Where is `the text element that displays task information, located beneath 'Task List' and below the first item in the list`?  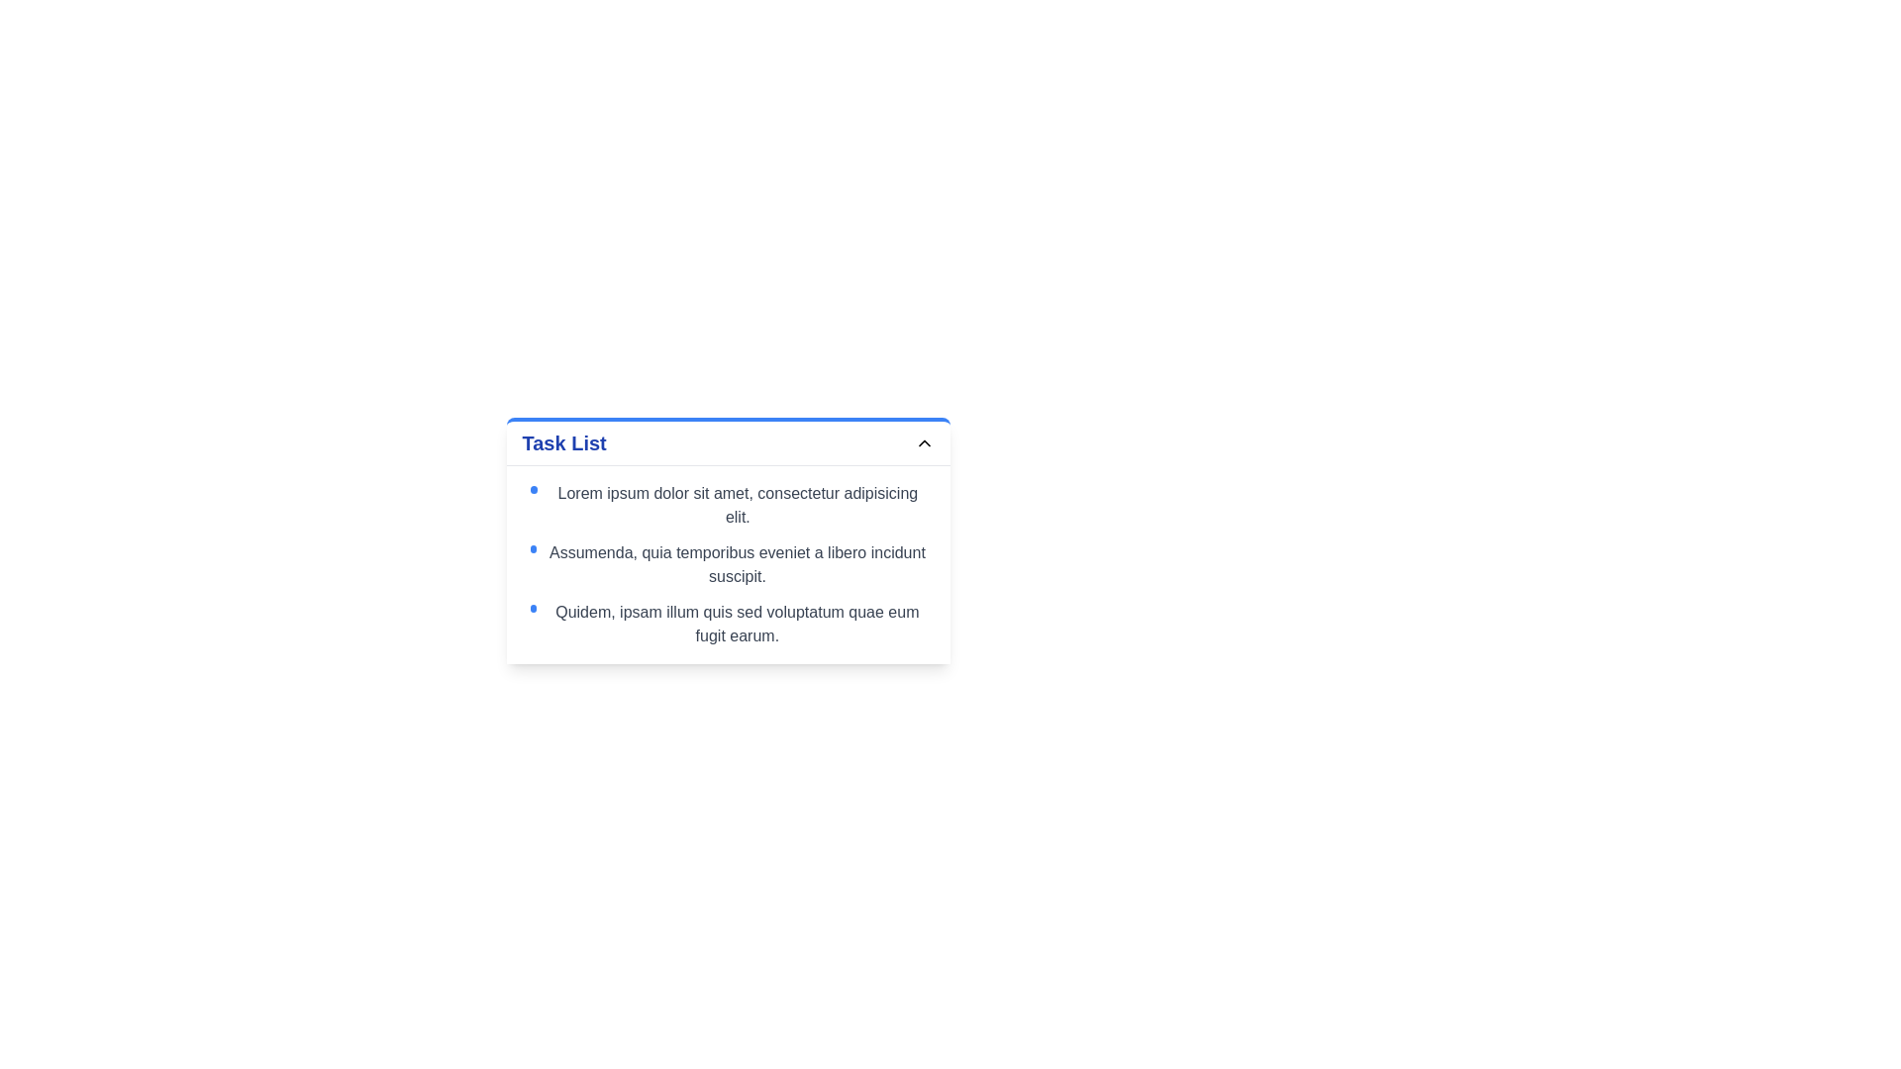
the text element that displays task information, located beneath 'Task List' and below the first item in the list is located at coordinates (727, 564).